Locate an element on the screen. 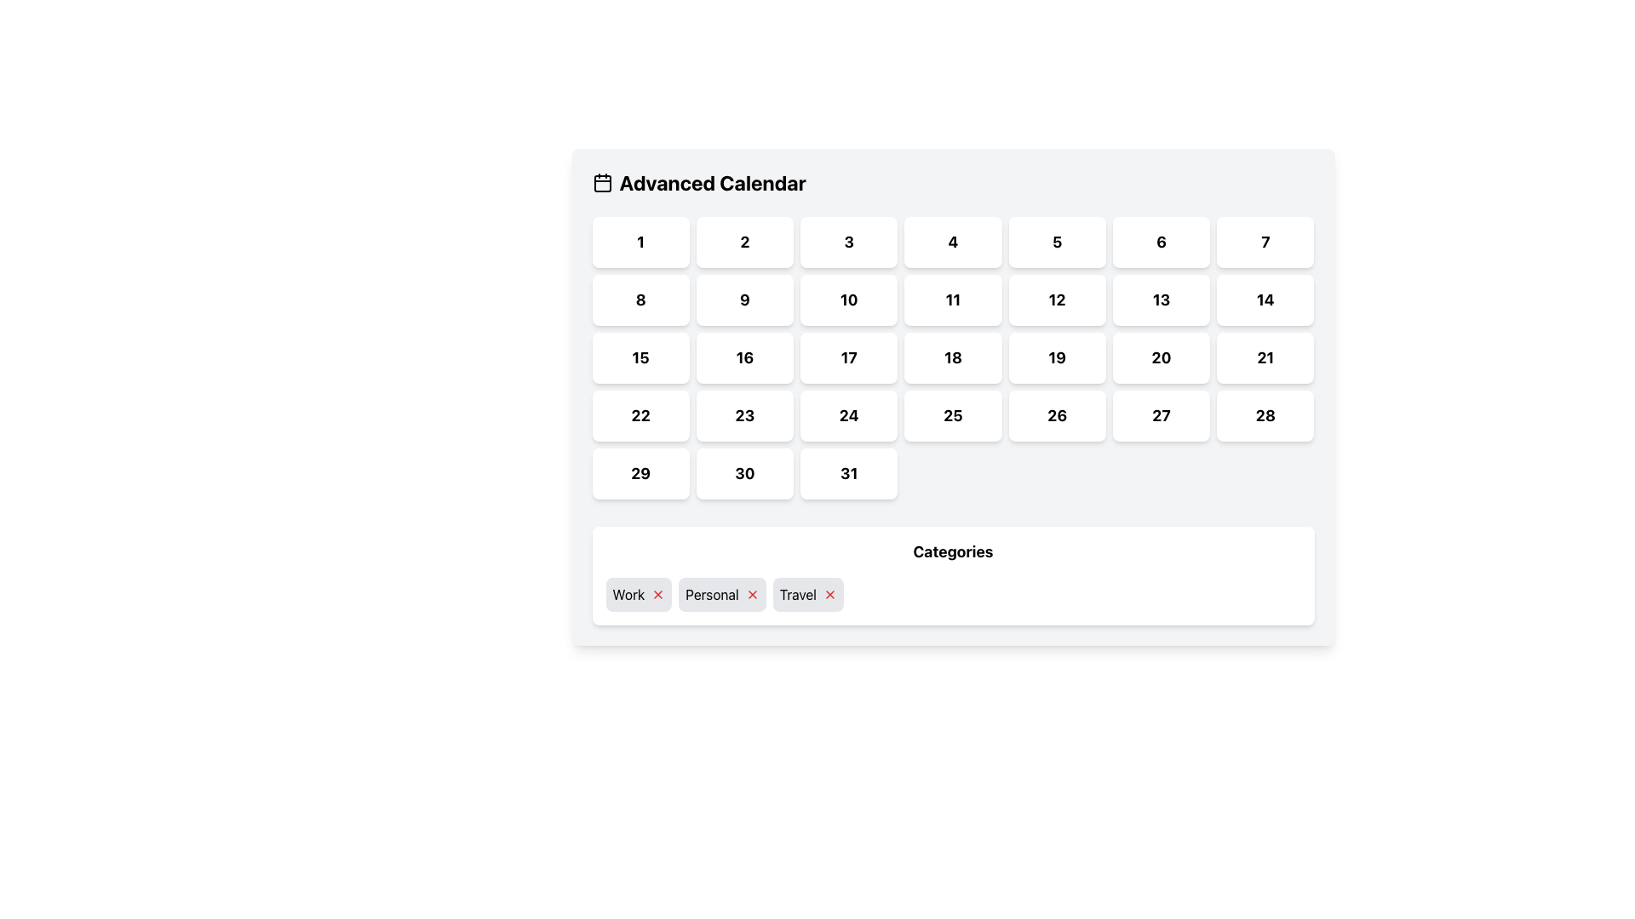 This screenshot has width=1635, height=919. the button displaying the number '28' in bold, center-aligned text is located at coordinates (1265, 416).